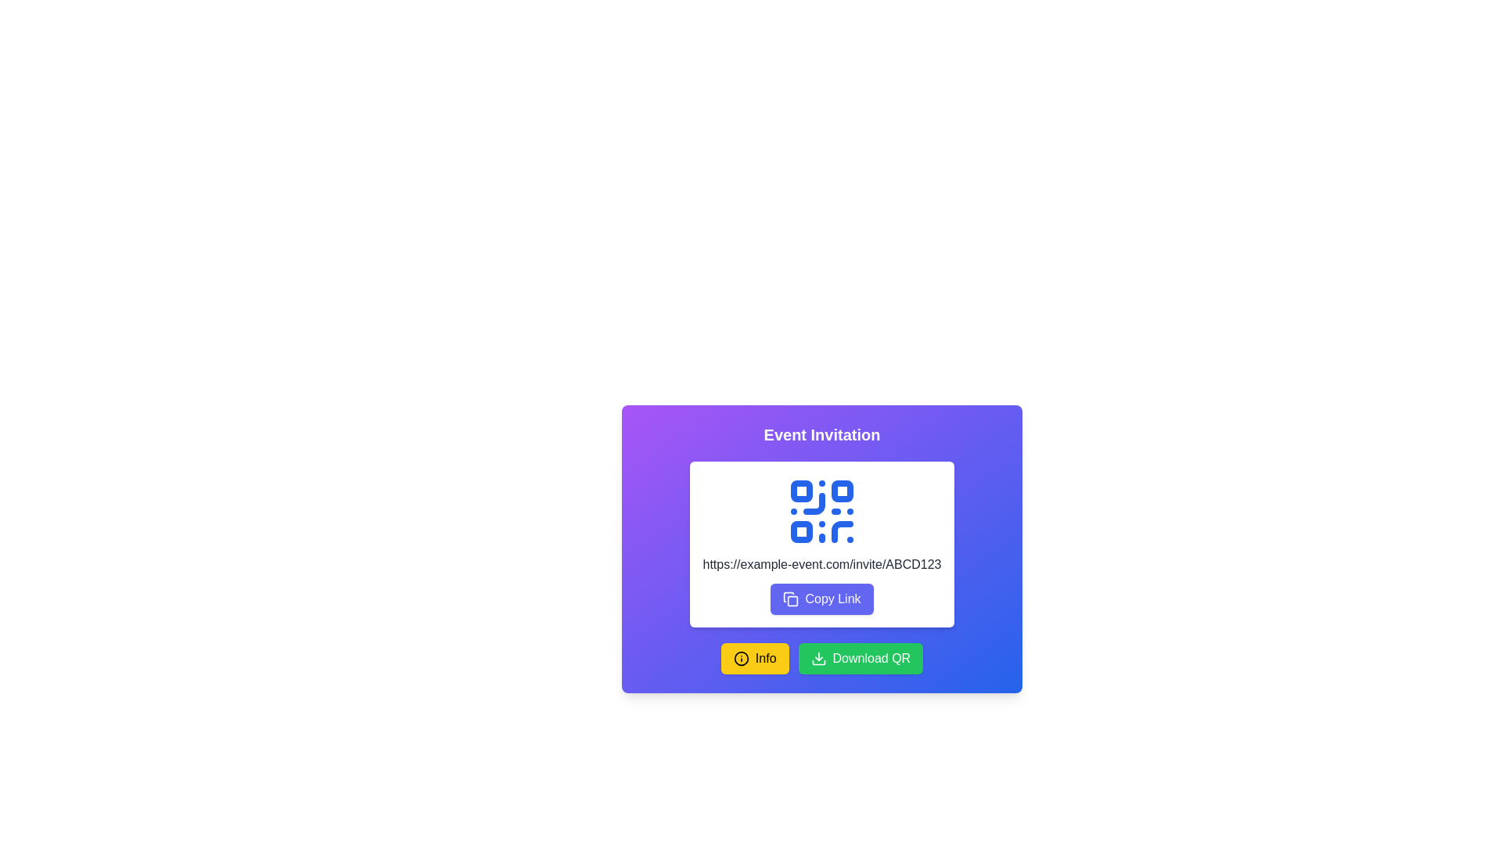 Image resolution: width=1502 pixels, height=845 pixels. Describe the element at coordinates (841, 491) in the screenshot. I see `and interact with the small bright blue square with rounded corners located` at that location.